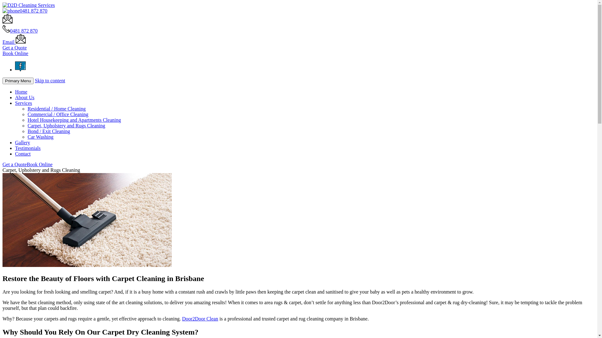  I want to click on 'Door2Door Clean', so click(182, 319).